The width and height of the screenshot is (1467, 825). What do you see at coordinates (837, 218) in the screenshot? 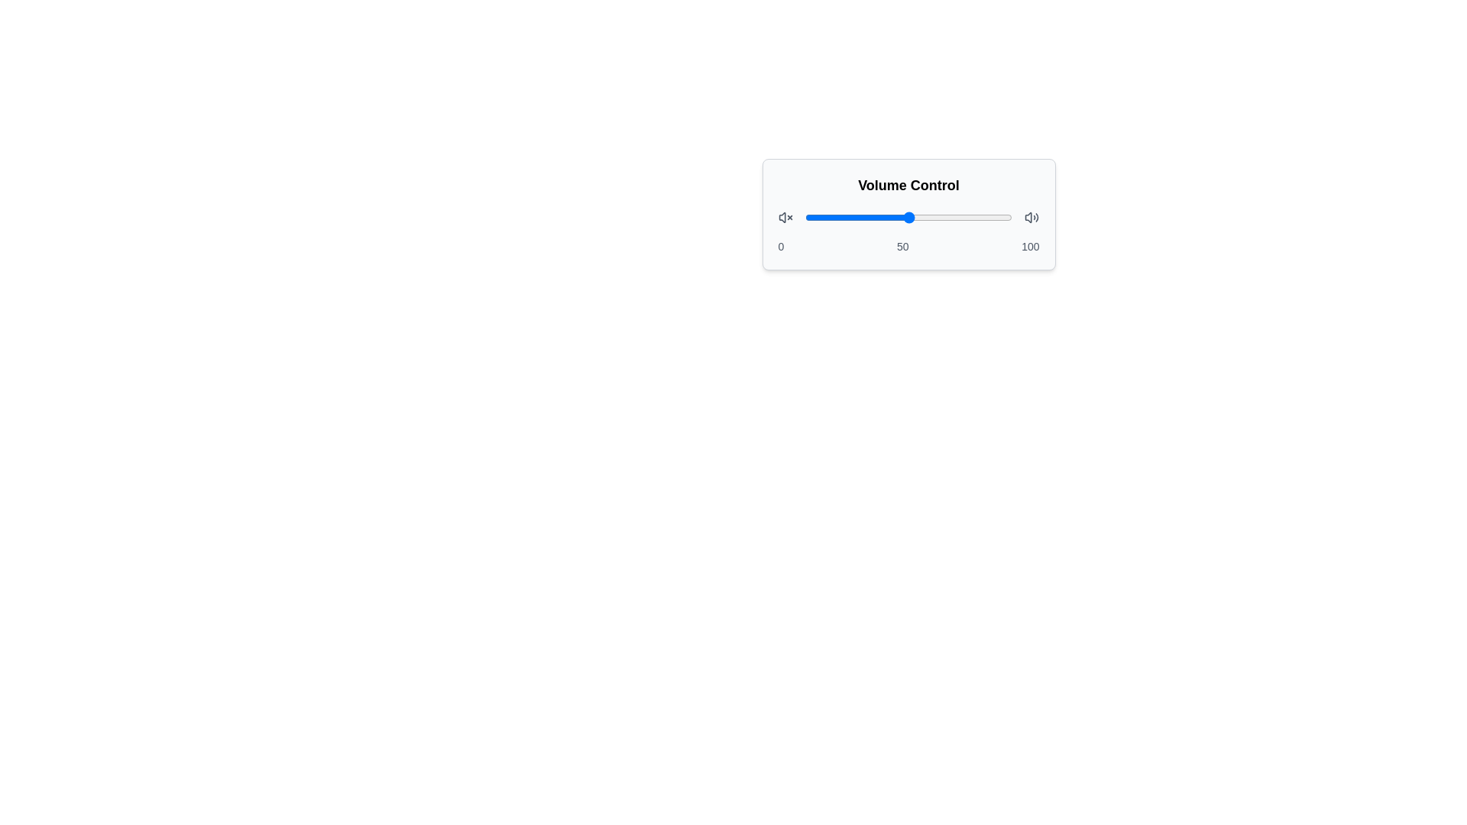
I see `the slider to set the volume to 16` at bounding box center [837, 218].